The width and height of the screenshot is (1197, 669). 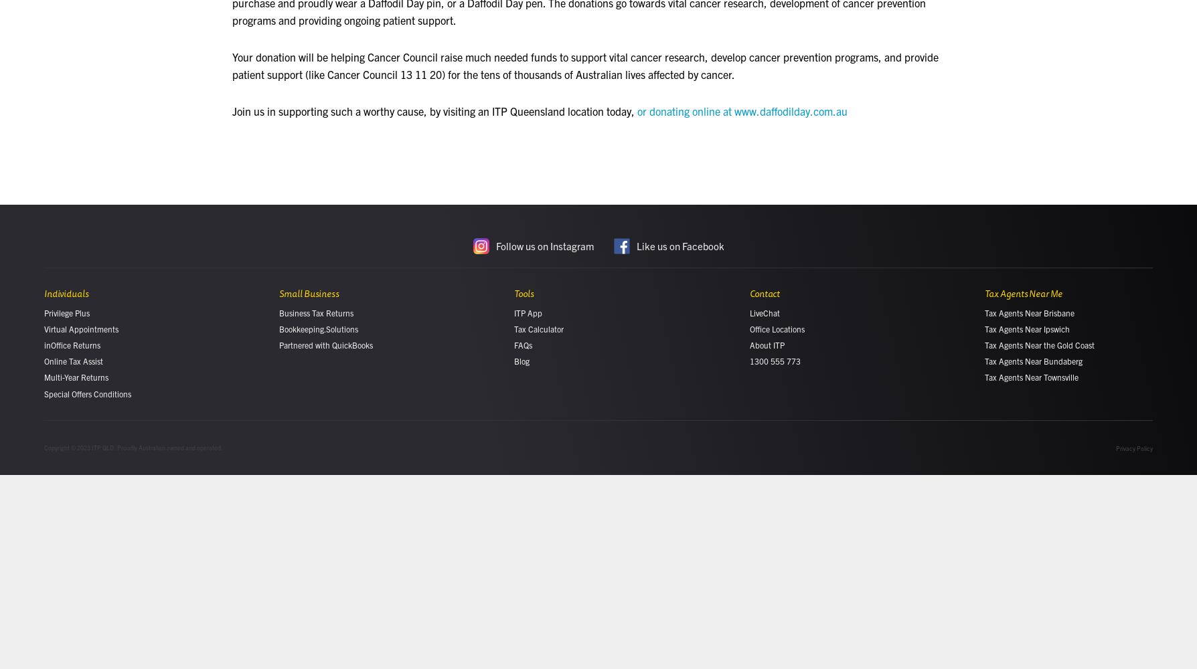 What do you see at coordinates (71, 345) in the screenshot?
I see `'inOffice Returns'` at bounding box center [71, 345].